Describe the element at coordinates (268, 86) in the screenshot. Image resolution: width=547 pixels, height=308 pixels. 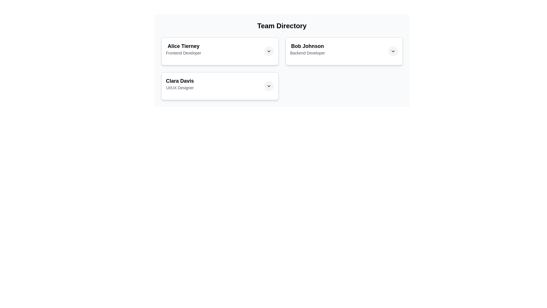
I see `the downward-pointing chevron icon within the light grey circular button located under Clara Davis's name` at that location.